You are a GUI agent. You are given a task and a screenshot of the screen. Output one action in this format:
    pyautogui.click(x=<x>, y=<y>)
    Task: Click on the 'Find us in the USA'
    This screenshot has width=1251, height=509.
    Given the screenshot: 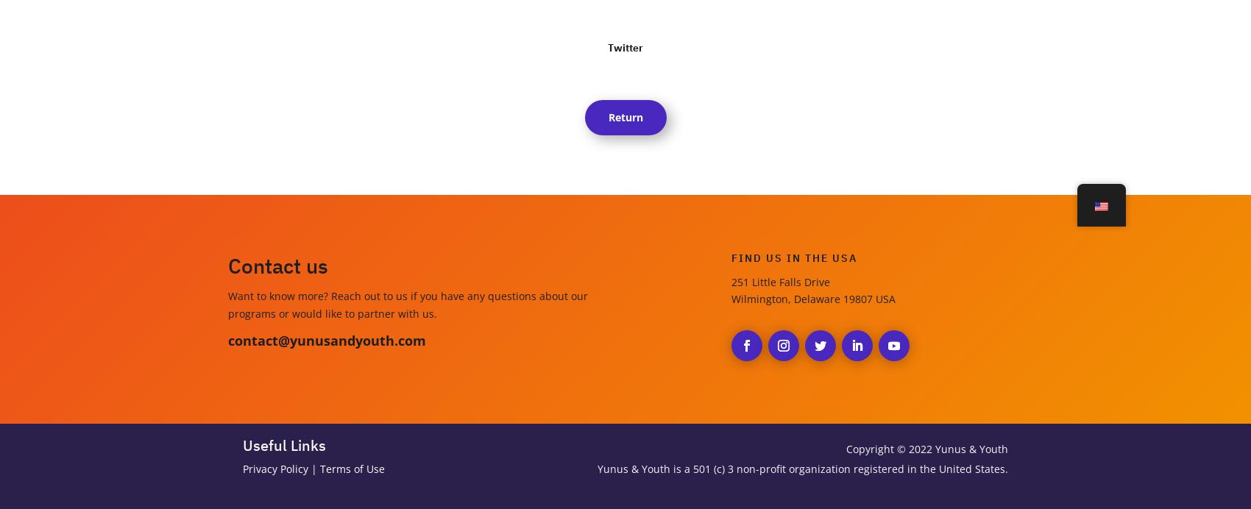 What is the action you would take?
    pyautogui.click(x=729, y=257)
    